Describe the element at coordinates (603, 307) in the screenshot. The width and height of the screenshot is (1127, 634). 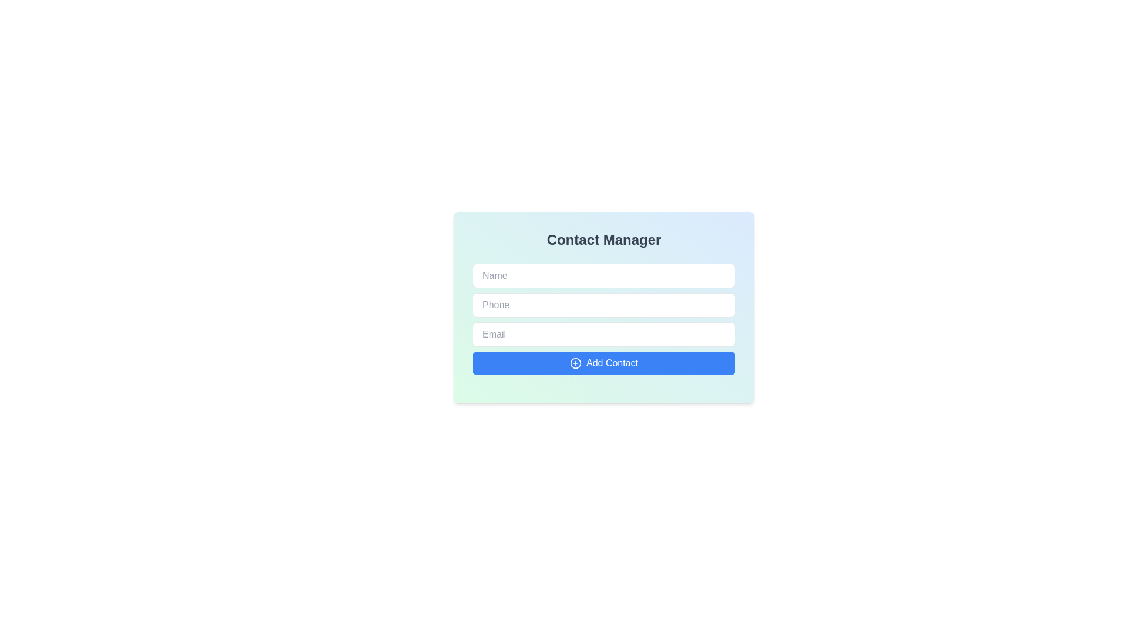
I see `and clear the text input field located centrally below the 'Name' input and above the 'Email' input in the form layout by selecting all text and deleting it` at that location.